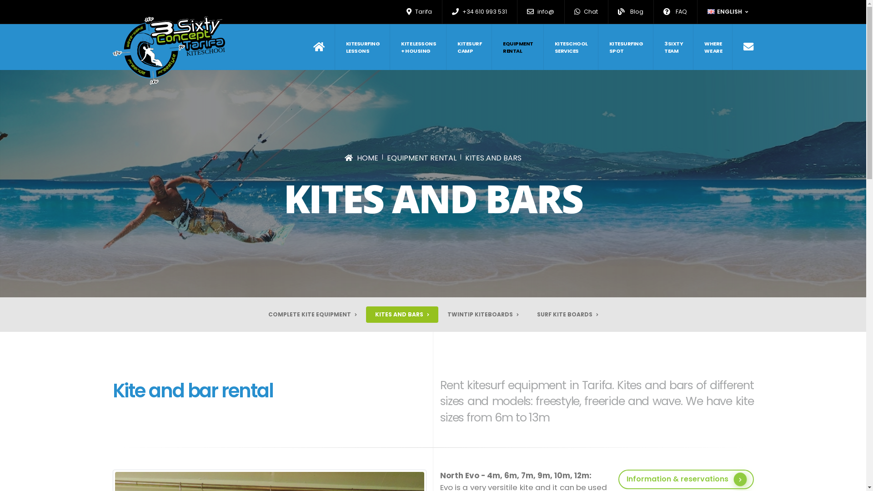 The image size is (873, 491). What do you see at coordinates (418, 47) in the screenshot?
I see `'KITE LESSONS + HOUSING'` at bounding box center [418, 47].